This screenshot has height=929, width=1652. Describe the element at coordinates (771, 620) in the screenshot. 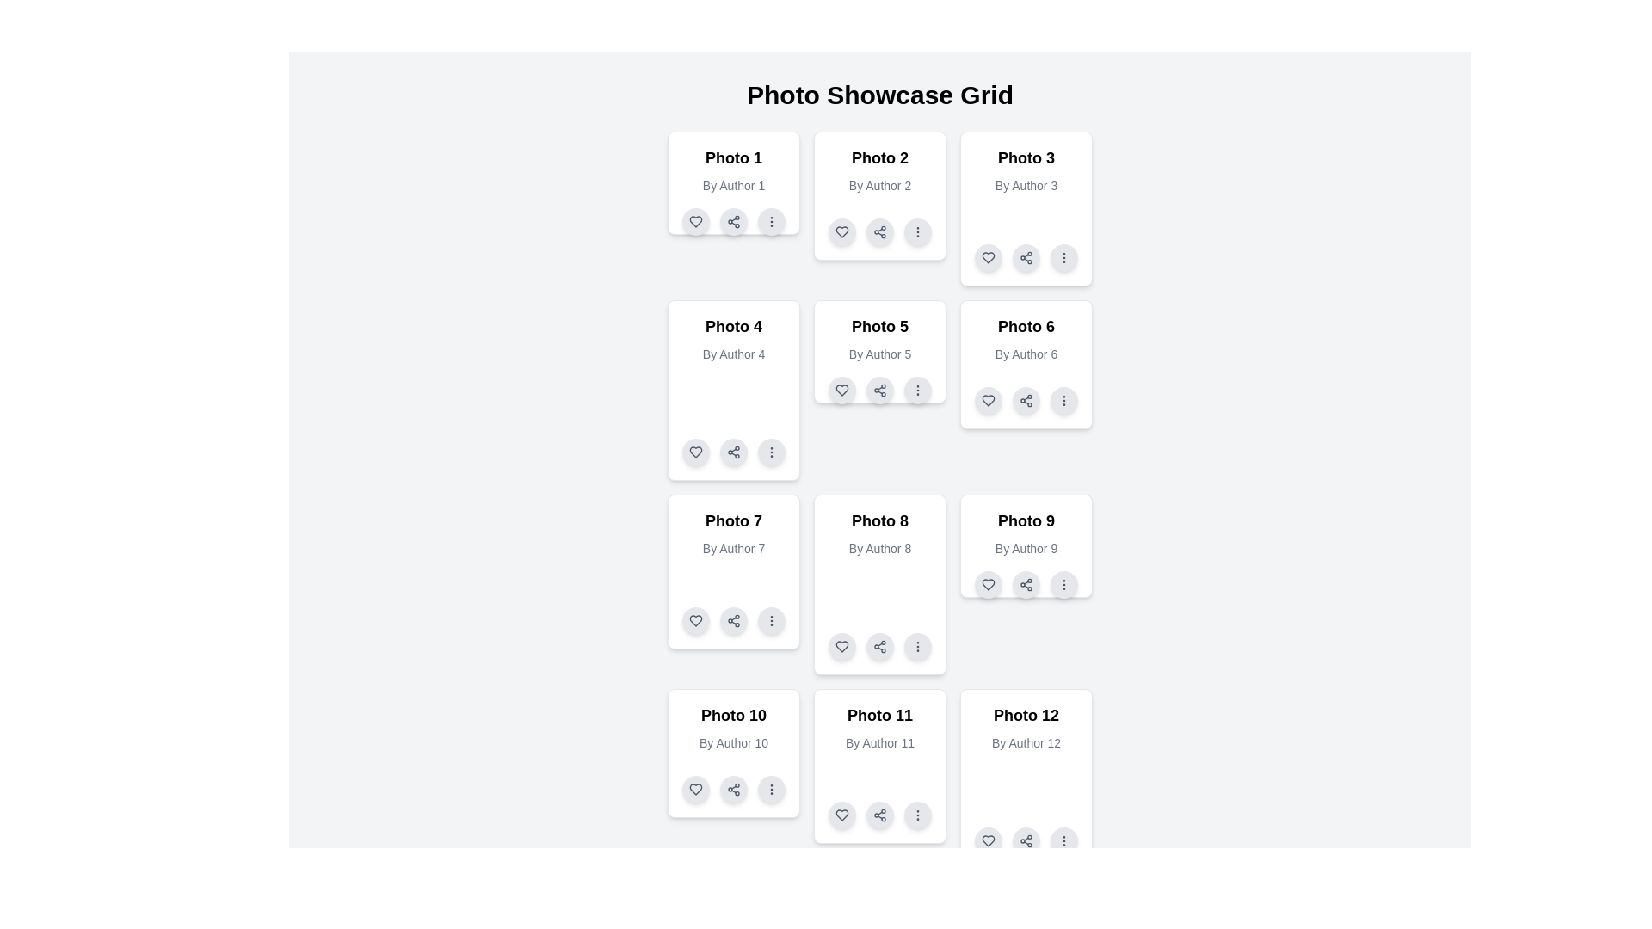

I see `the vertical ellipsis icon with three vertically aligned dots located in the bottom-right corner of the 'Photo 7' card` at that location.